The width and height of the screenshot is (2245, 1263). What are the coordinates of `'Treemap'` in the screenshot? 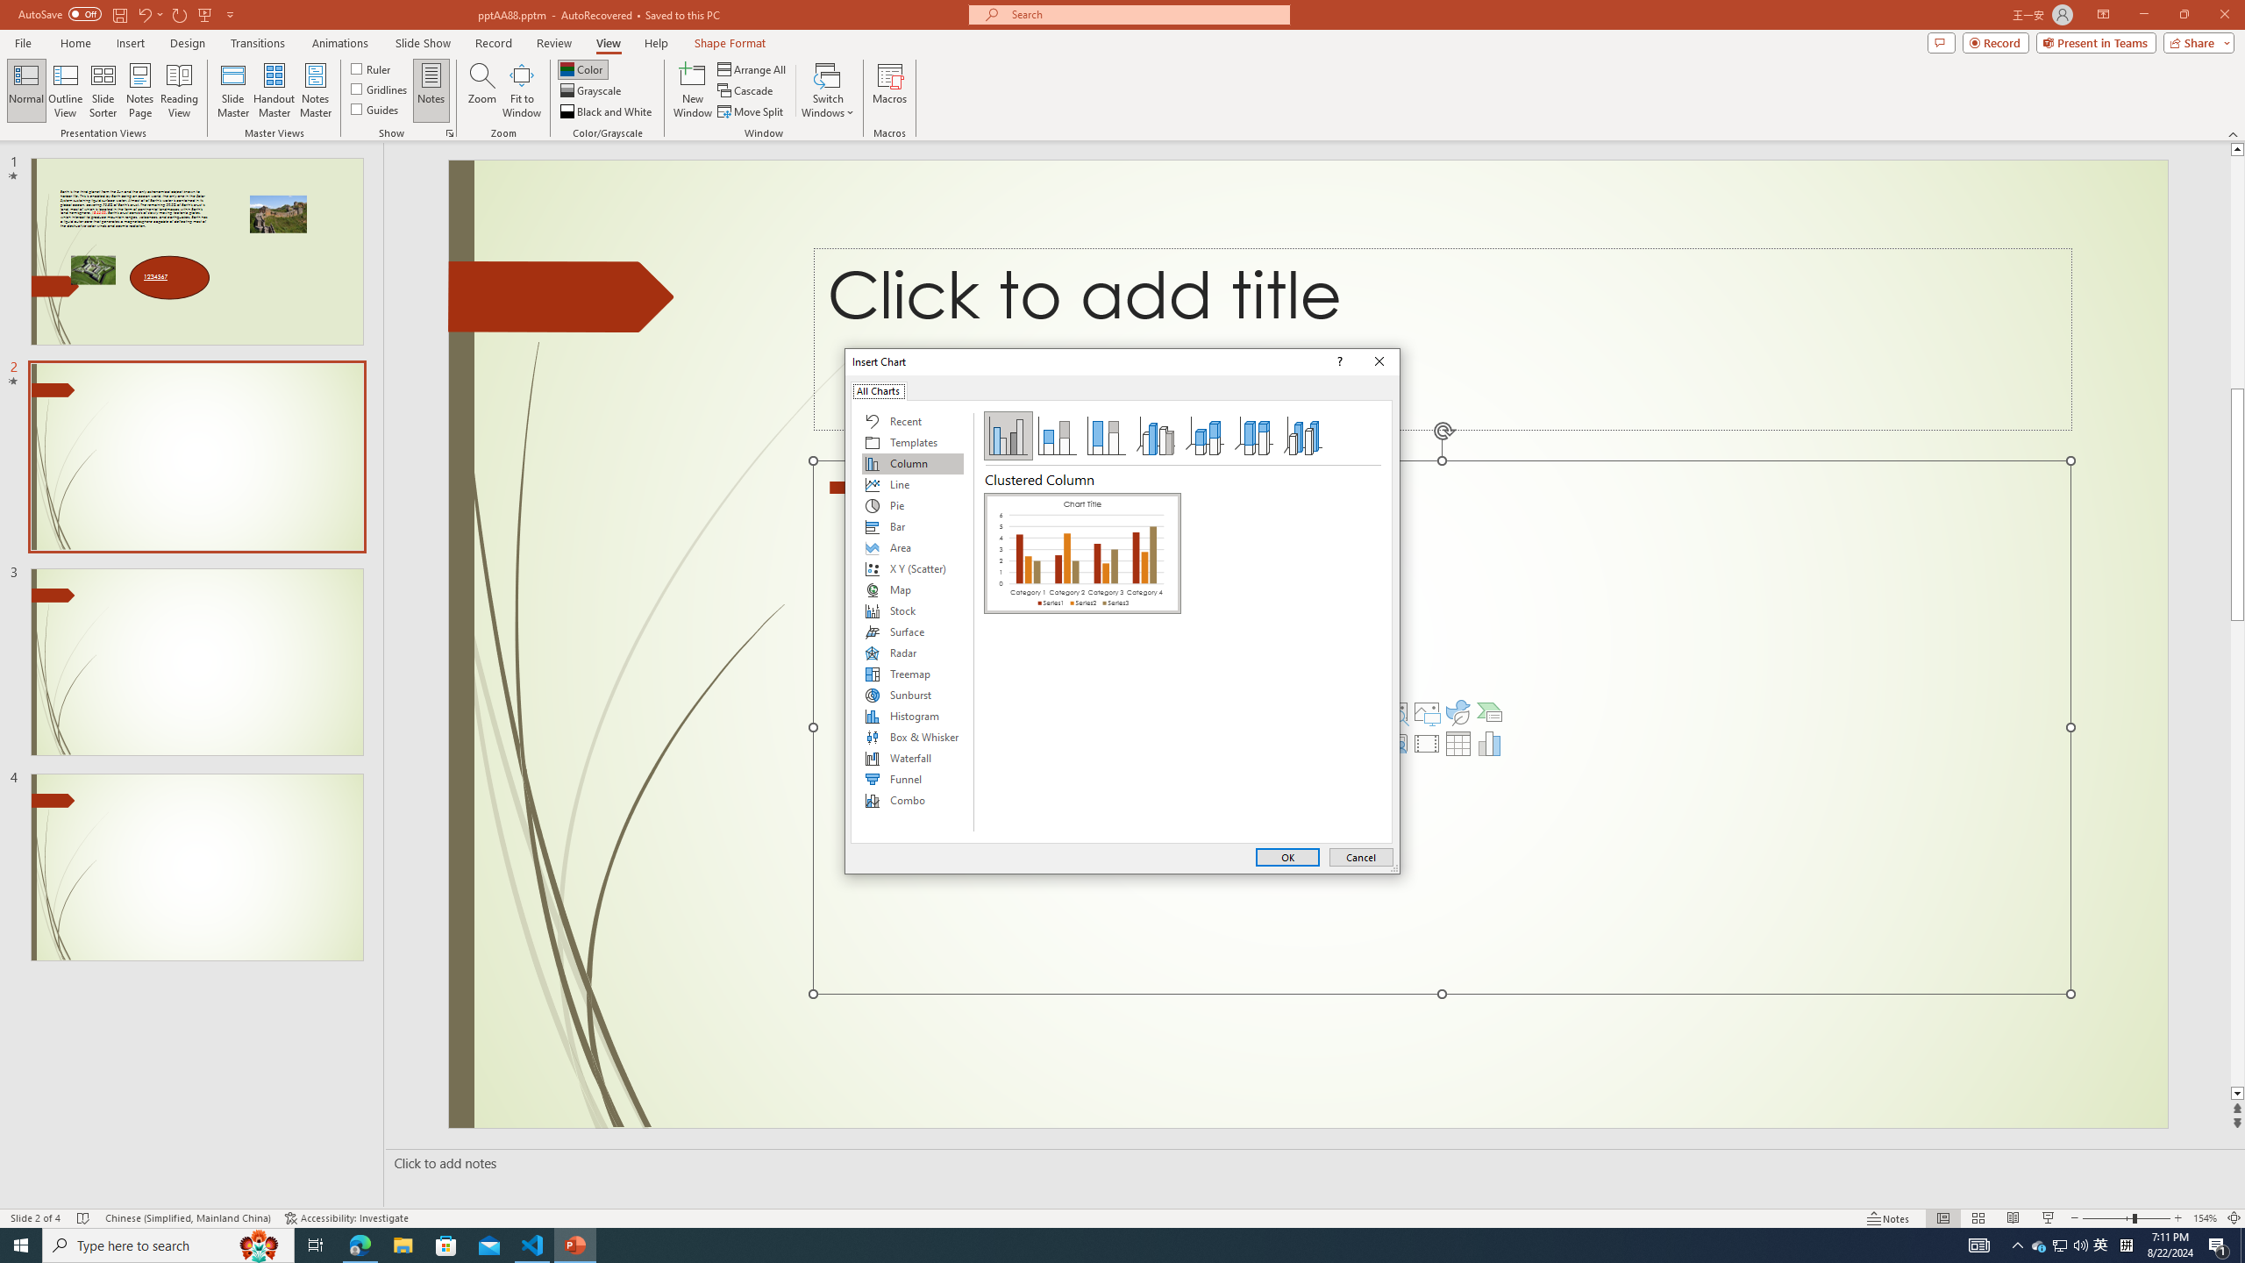 It's located at (911, 673).